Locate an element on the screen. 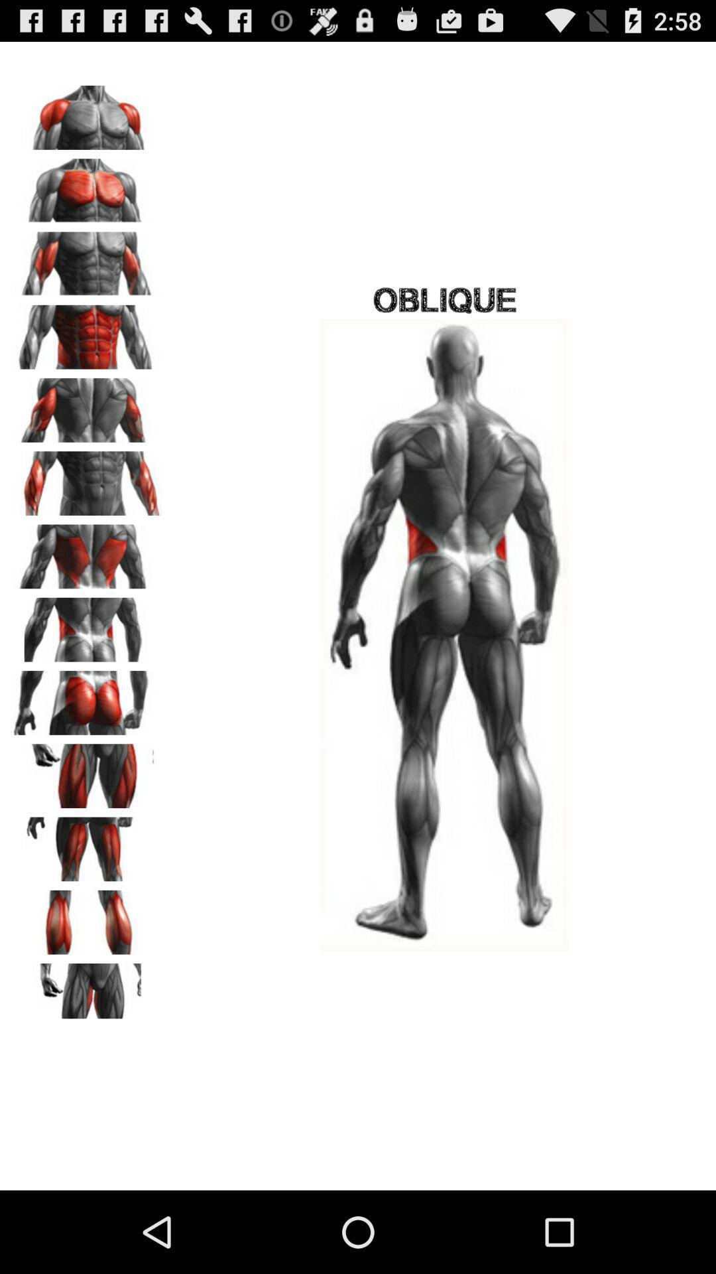 Image resolution: width=716 pixels, height=1274 pixels. the pause icon is located at coordinates (87, 982).